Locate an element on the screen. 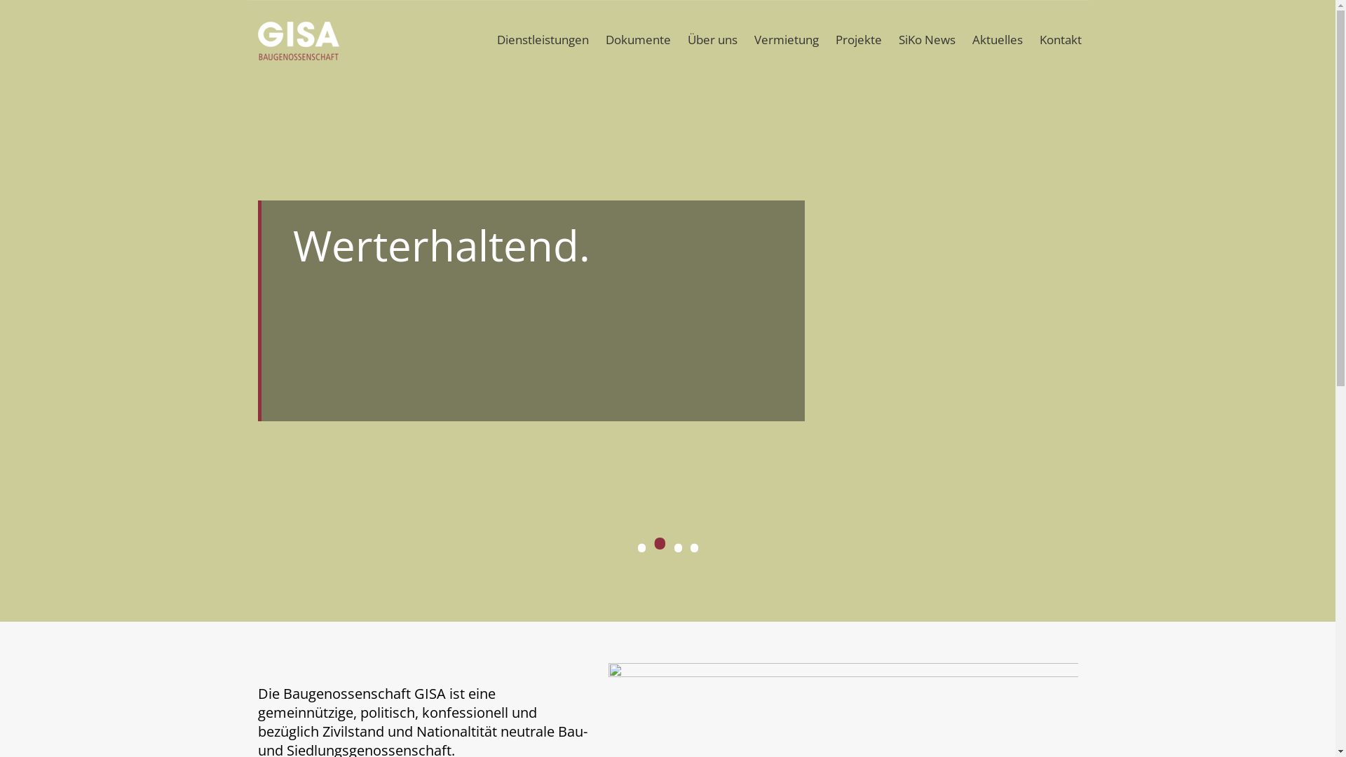  'Vermietung' is located at coordinates (787, 39).